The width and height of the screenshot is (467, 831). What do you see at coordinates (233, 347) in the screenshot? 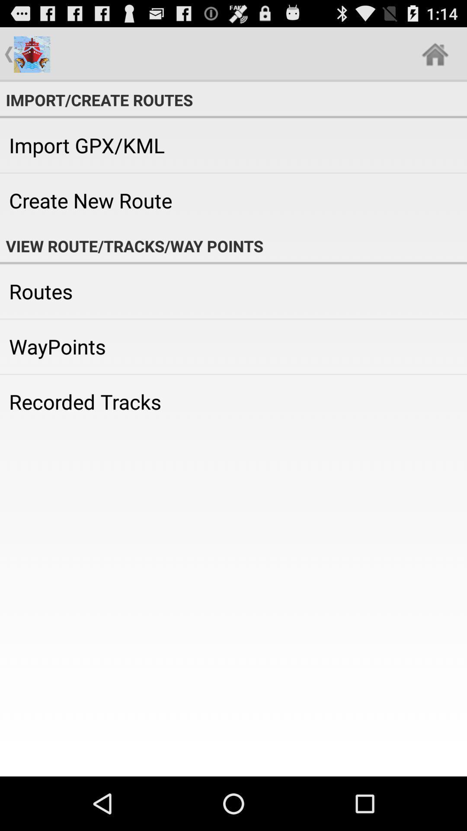
I see `the waypoints icon` at bounding box center [233, 347].